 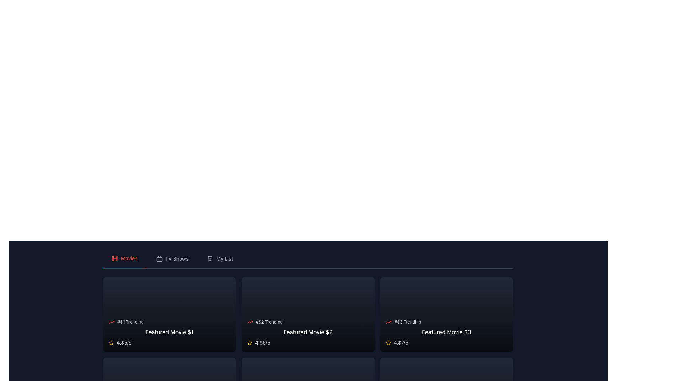 What do you see at coordinates (124, 342) in the screenshot?
I see `the text label displaying the rating value '4.$5/5' in light gray color, located within the first movie card labeled 'Featured Movie $1', immediately to the right of the yellow star icon` at bounding box center [124, 342].